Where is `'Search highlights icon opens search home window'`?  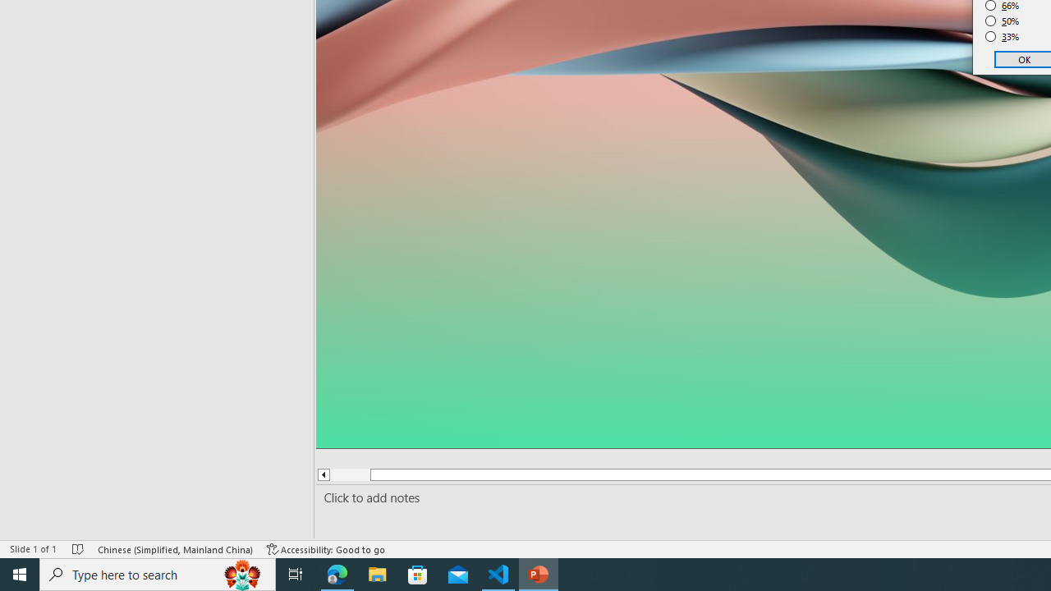 'Search highlights icon opens search home window' is located at coordinates (241, 573).